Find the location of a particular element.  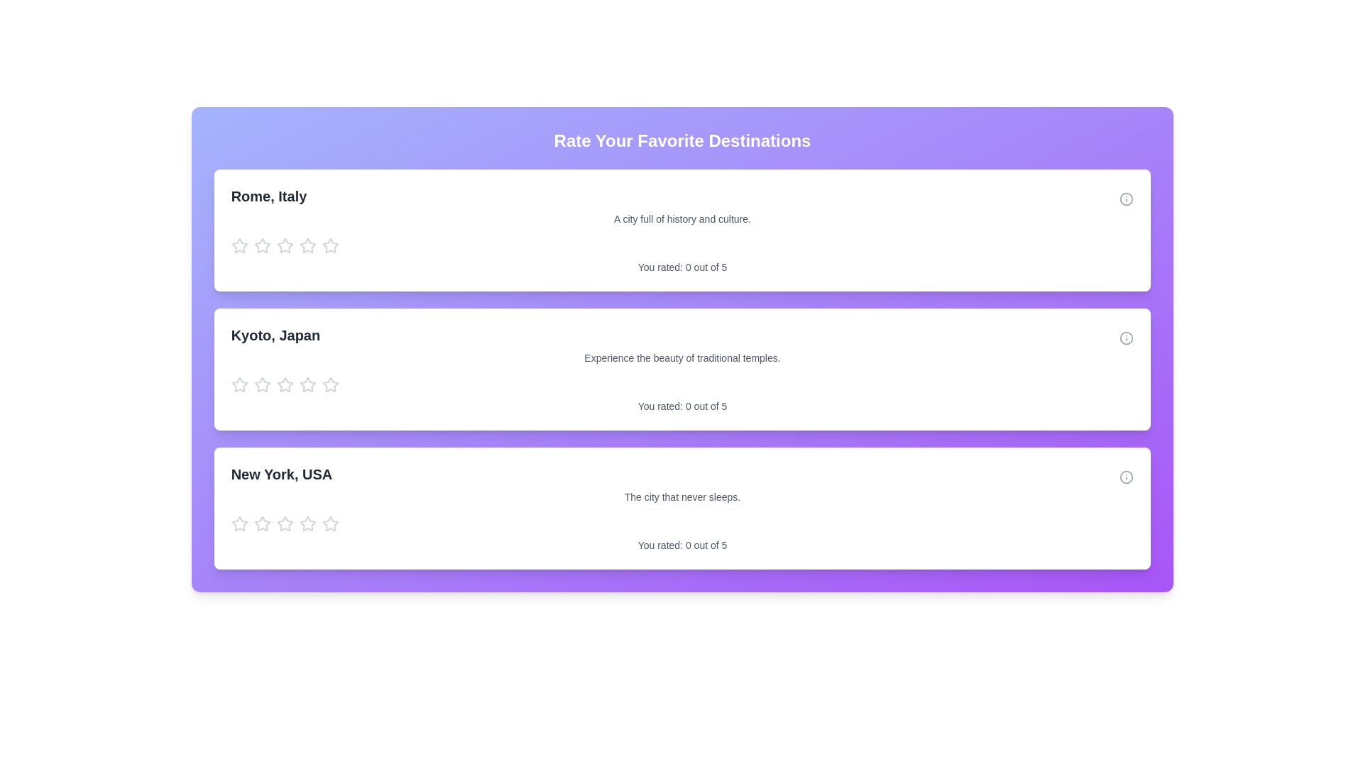

the text element displaying 'You rated: 0 out of 5', which is located at the bottom of the white card labeled 'New York, USA' is located at coordinates (682, 544).